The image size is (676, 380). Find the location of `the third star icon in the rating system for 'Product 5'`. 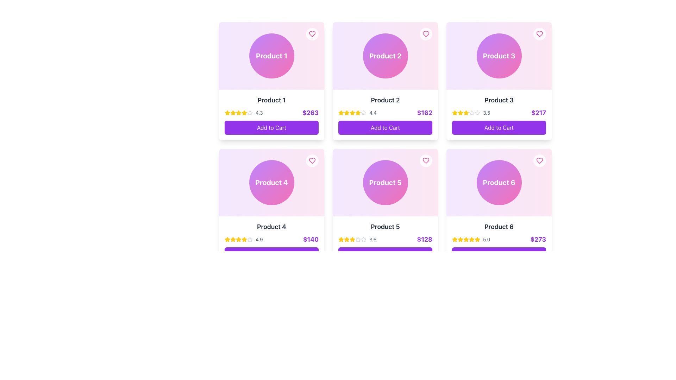

the third star icon in the rating system for 'Product 5' is located at coordinates (341, 239).